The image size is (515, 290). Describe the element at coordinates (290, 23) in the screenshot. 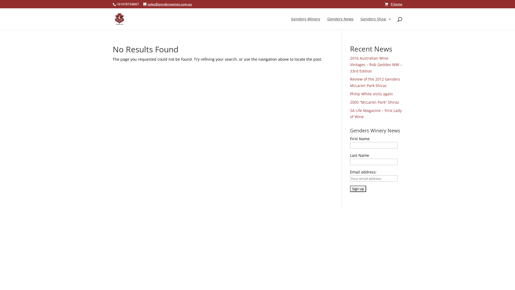

I see `'Genders Winery'` at that location.